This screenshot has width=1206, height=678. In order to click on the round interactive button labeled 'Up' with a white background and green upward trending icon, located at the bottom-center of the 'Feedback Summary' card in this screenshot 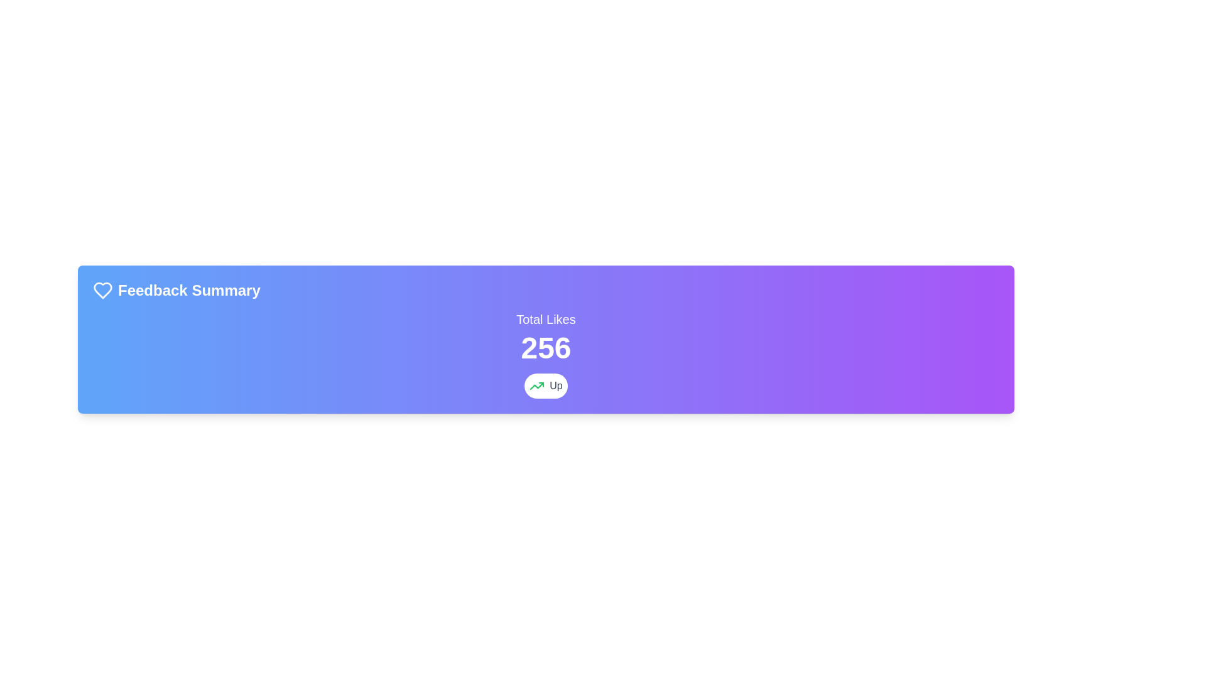, I will do `click(546, 385)`.